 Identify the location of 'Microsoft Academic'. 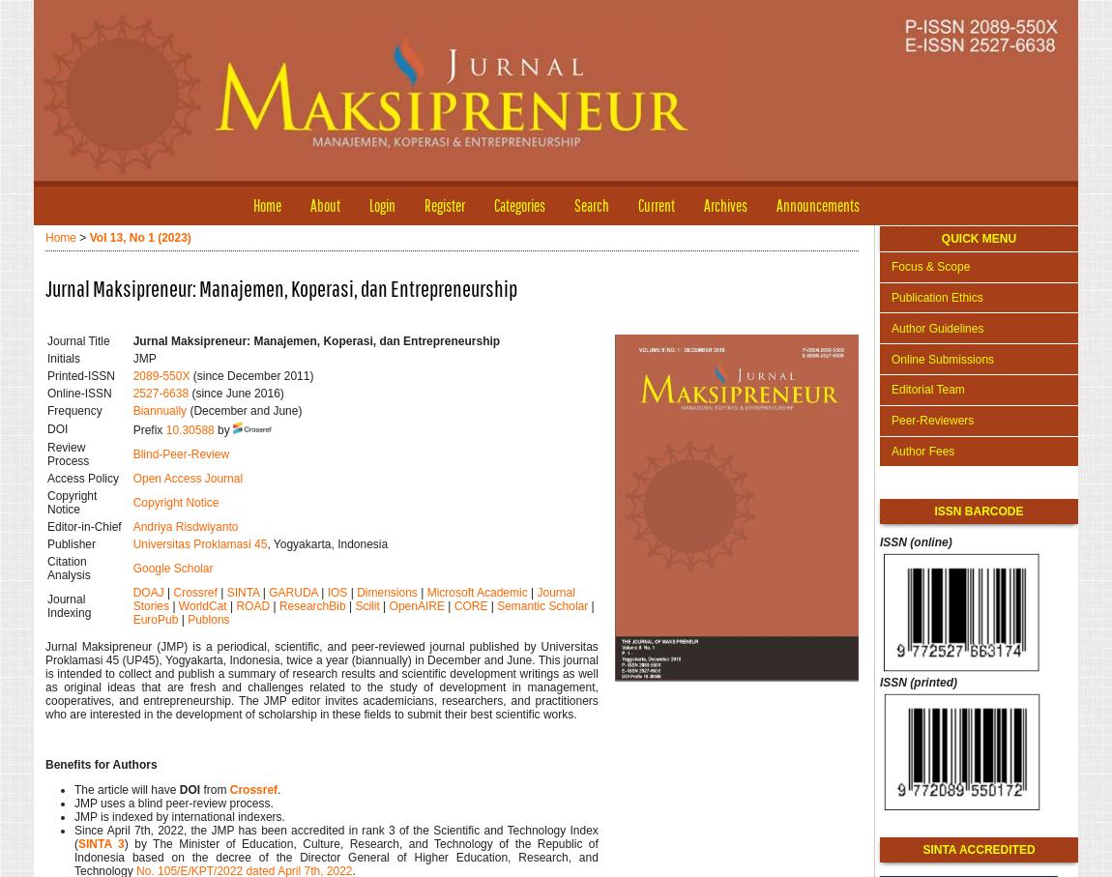
(477, 592).